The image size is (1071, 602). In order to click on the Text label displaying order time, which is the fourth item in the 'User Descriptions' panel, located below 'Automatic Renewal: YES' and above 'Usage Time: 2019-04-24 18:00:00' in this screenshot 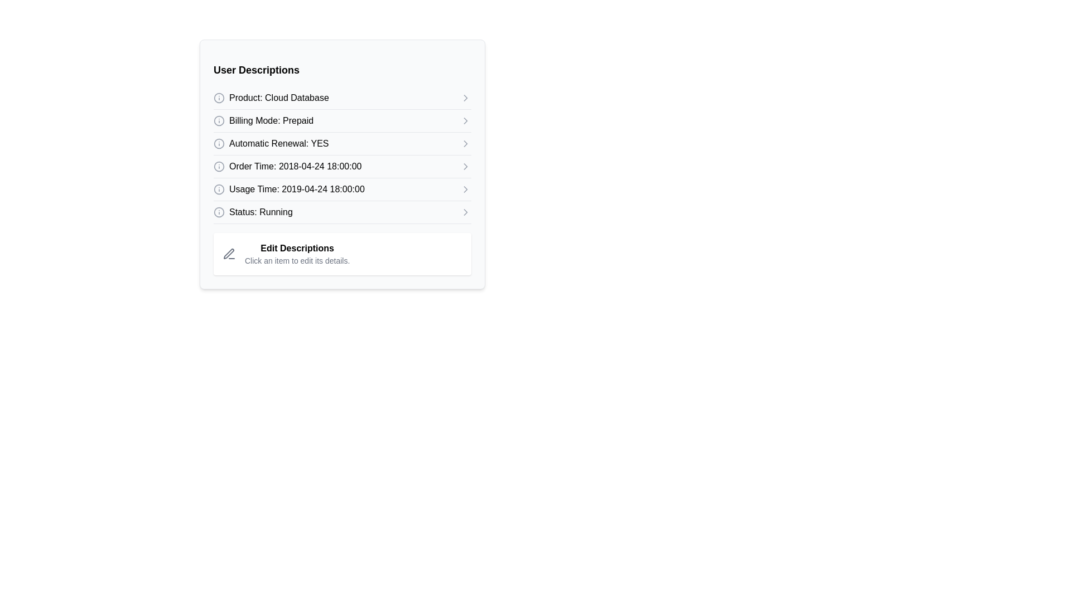, I will do `click(287, 167)`.